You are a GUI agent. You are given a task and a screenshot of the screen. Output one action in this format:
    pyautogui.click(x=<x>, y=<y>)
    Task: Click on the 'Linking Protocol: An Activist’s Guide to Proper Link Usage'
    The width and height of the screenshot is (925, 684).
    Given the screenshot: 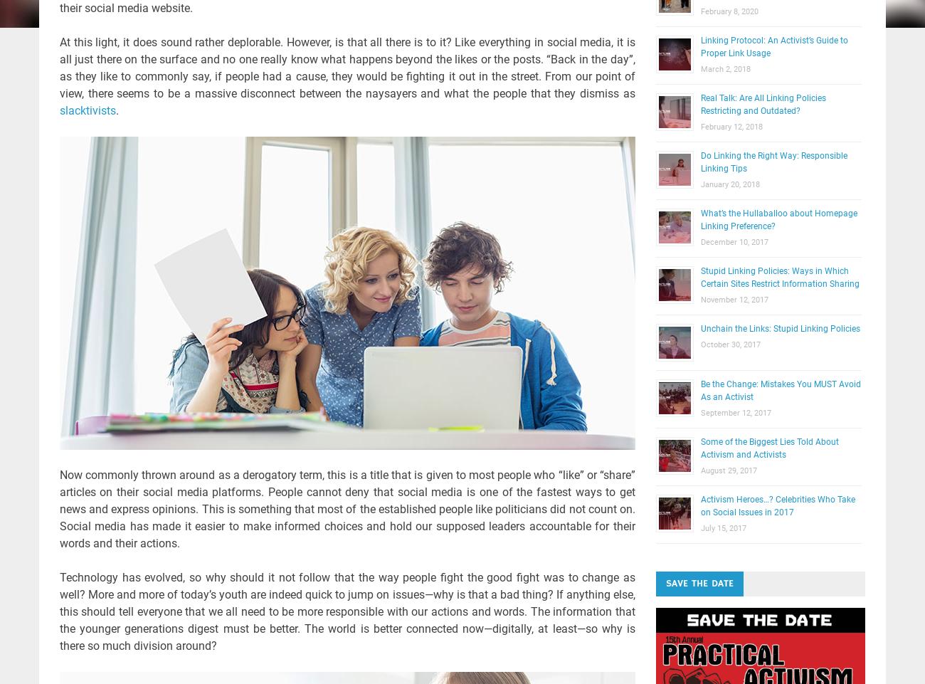 What is the action you would take?
    pyautogui.click(x=773, y=47)
    